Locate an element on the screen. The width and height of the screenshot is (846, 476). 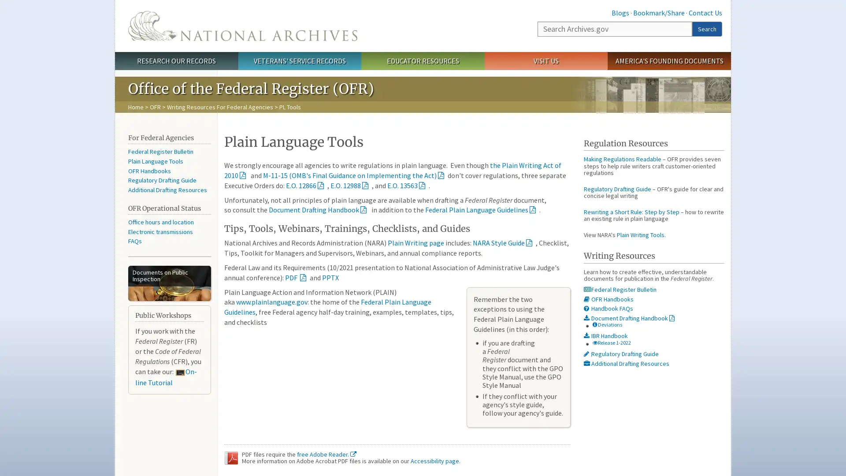
Search is located at coordinates (707, 28).